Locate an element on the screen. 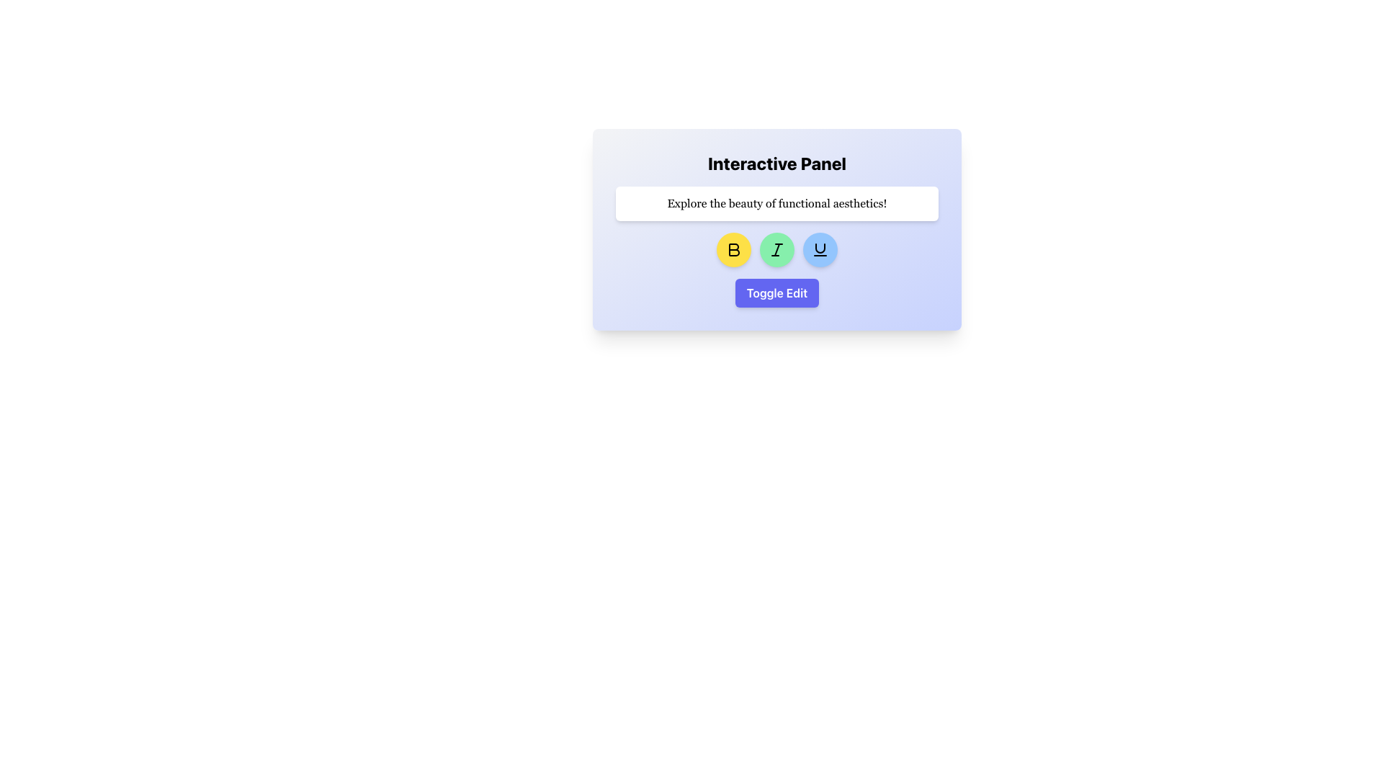 Image resolution: width=1383 pixels, height=778 pixels. the italic toggle button located in the middle of the button set beneath the text 'Explore the beauty of functional aesthetics!' for keyboard interactions is located at coordinates (776, 249).